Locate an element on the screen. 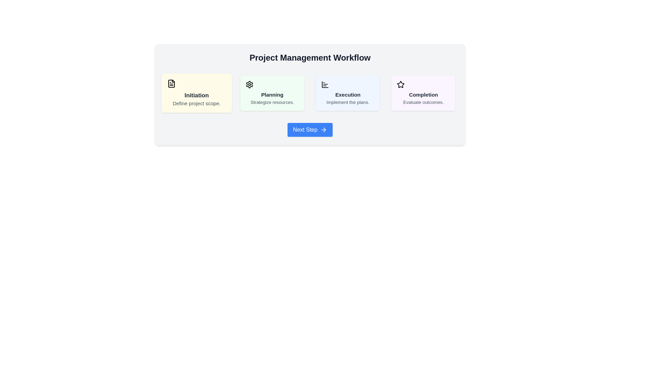  the small rightward-pointing arrow icon with a blue background located to the far right of the 'Next Step' button is located at coordinates (323, 130).